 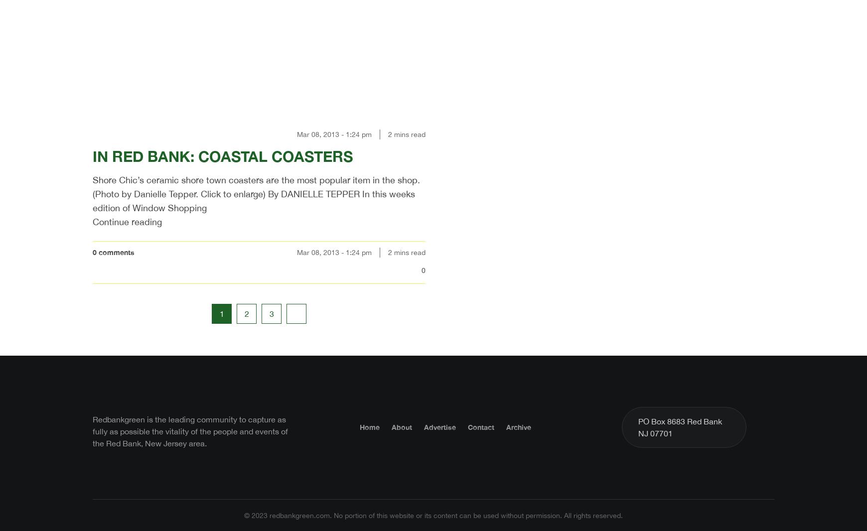 What do you see at coordinates (433, 515) in the screenshot?
I see `'© 2023 redbankgreen.com. No portion of this website or its content can be used without permission. All rights reserved.'` at bounding box center [433, 515].